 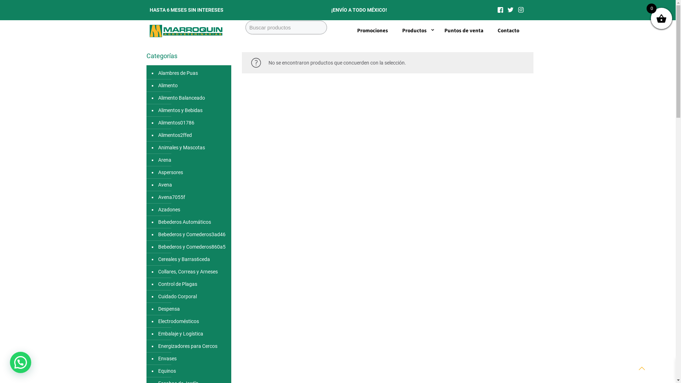 I want to click on 'Collares, Correas y Arneses', so click(x=192, y=271).